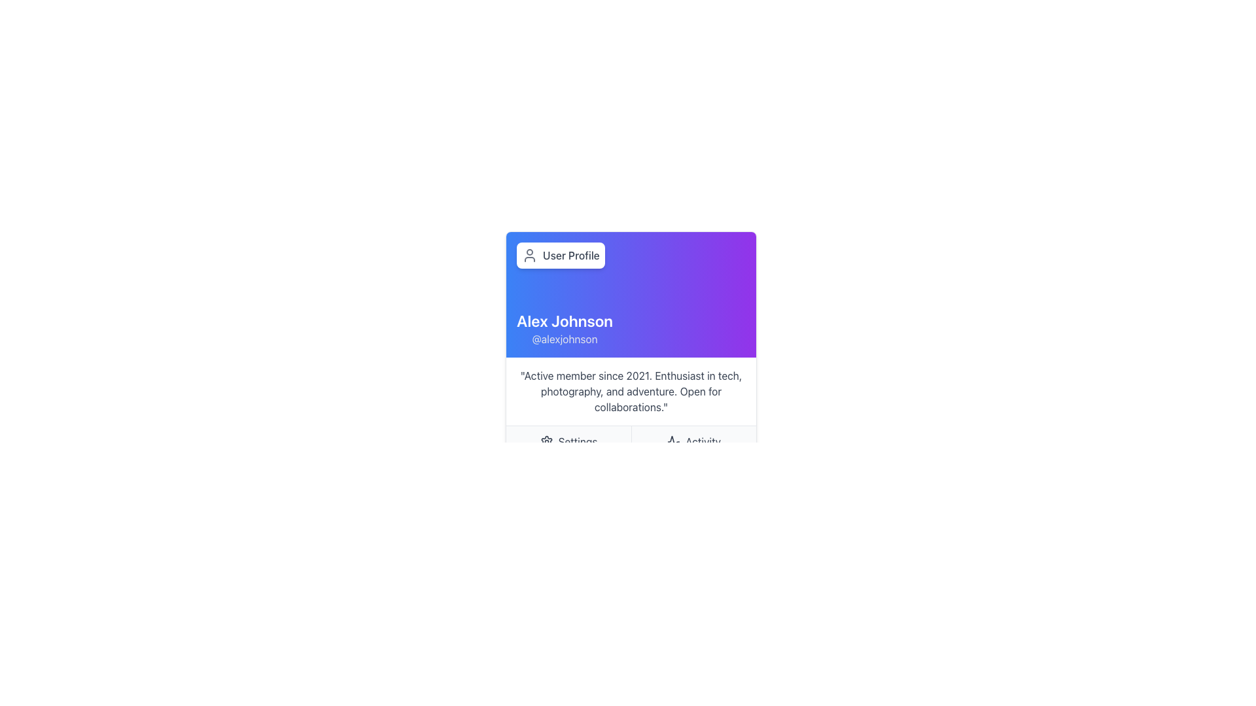  What do you see at coordinates (561, 255) in the screenshot?
I see `the user profile header label with icon located at the top-left corner of its component, which indicates it pertains to the user profile` at bounding box center [561, 255].